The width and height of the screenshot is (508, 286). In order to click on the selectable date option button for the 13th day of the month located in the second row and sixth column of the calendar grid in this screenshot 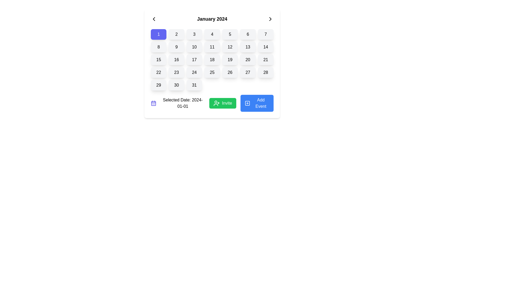, I will do `click(247, 47)`.